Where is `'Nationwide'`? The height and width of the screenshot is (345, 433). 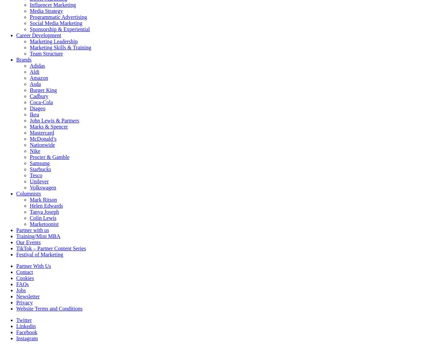 'Nationwide' is located at coordinates (42, 144).